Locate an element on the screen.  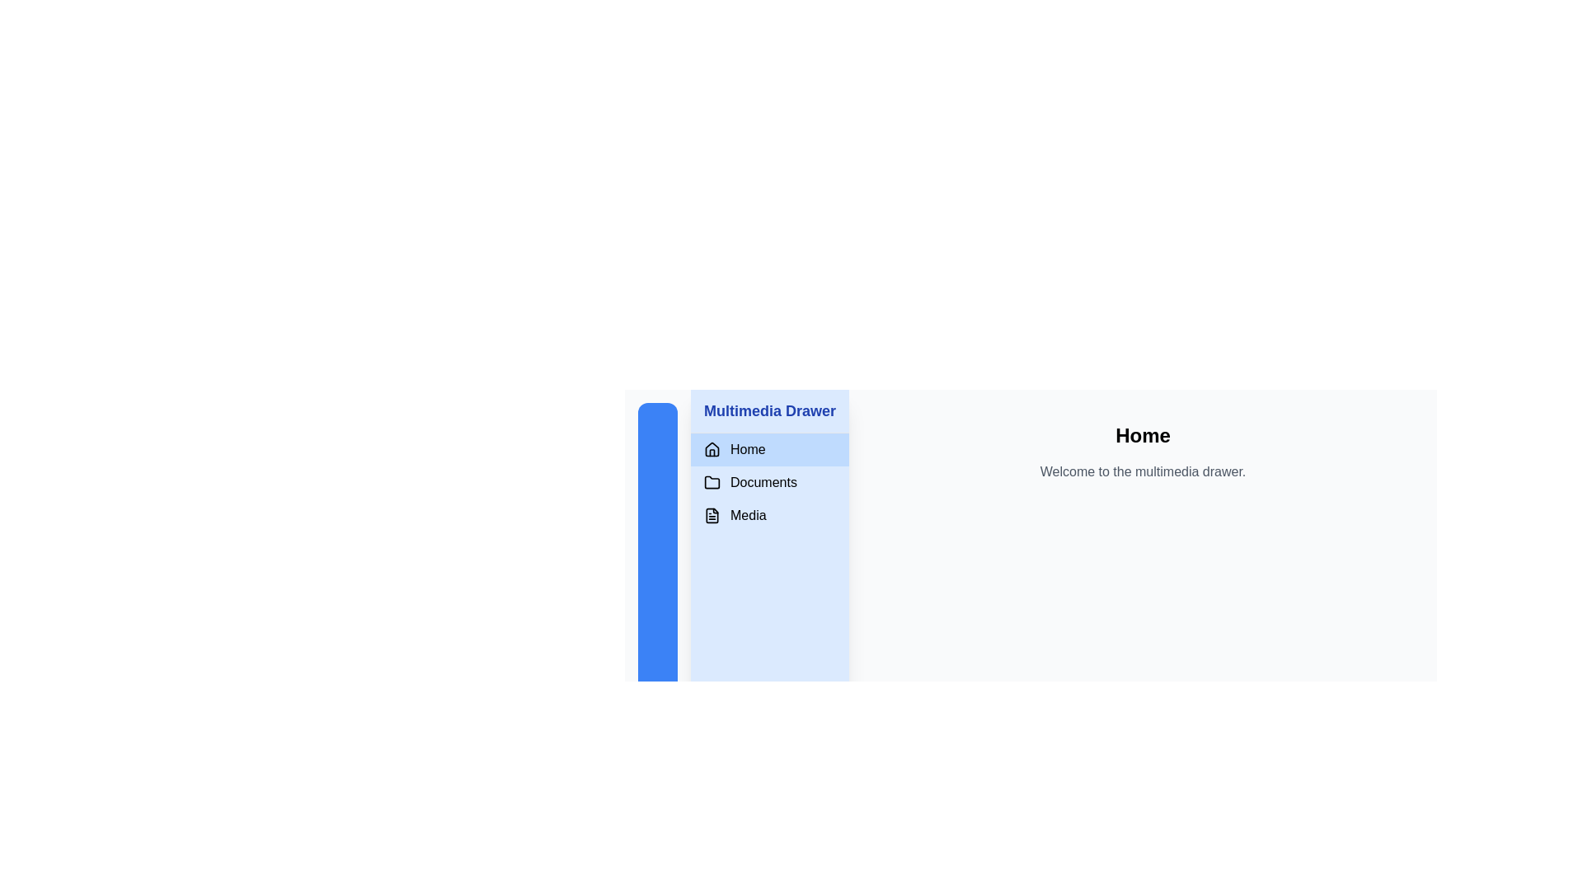
the 'Documents' navigation link located in the sidebar labeled 'Multimedia Drawer', which is the second item in the list beneath 'Home' is located at coordinates (769, 482).